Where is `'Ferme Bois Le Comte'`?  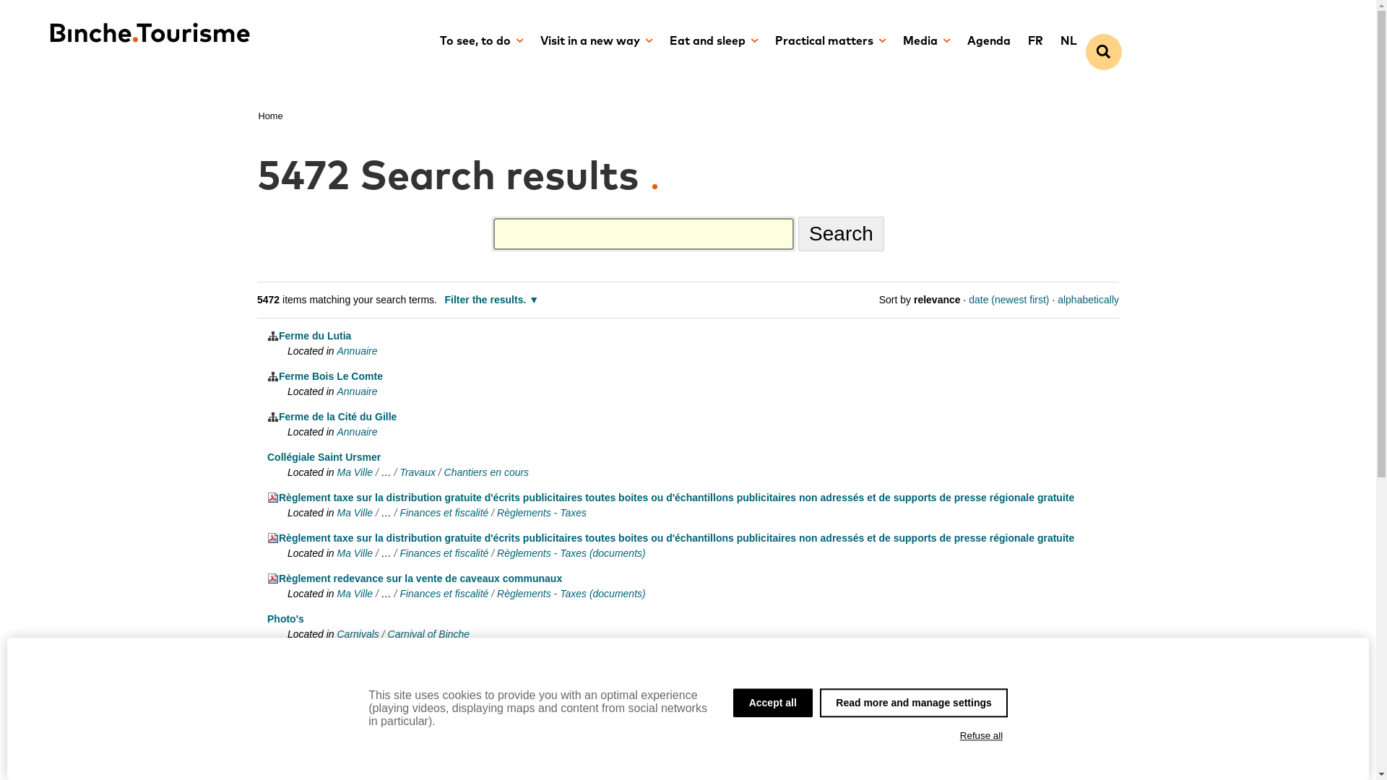 'Ferme Bois Le Comte' is located at coordinates (267, 375).